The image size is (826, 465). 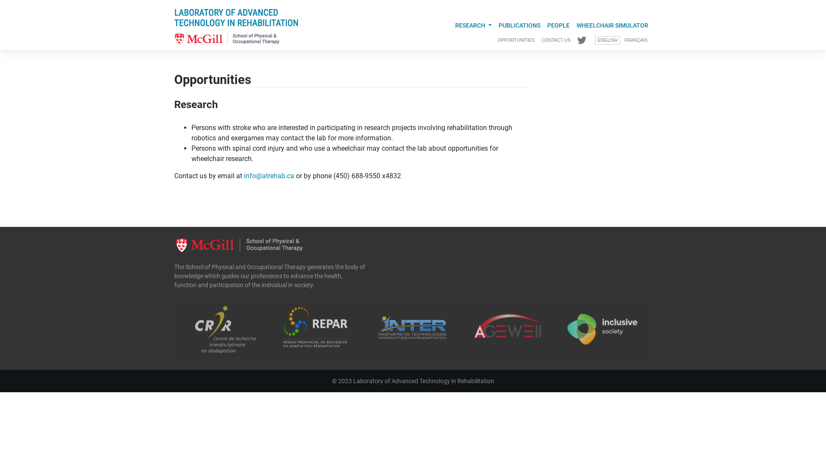 What do you see at coordinates (516, 40) in the screenshot?
I see `'OPPORTUNITIES'` at bounding box center [516, 40].